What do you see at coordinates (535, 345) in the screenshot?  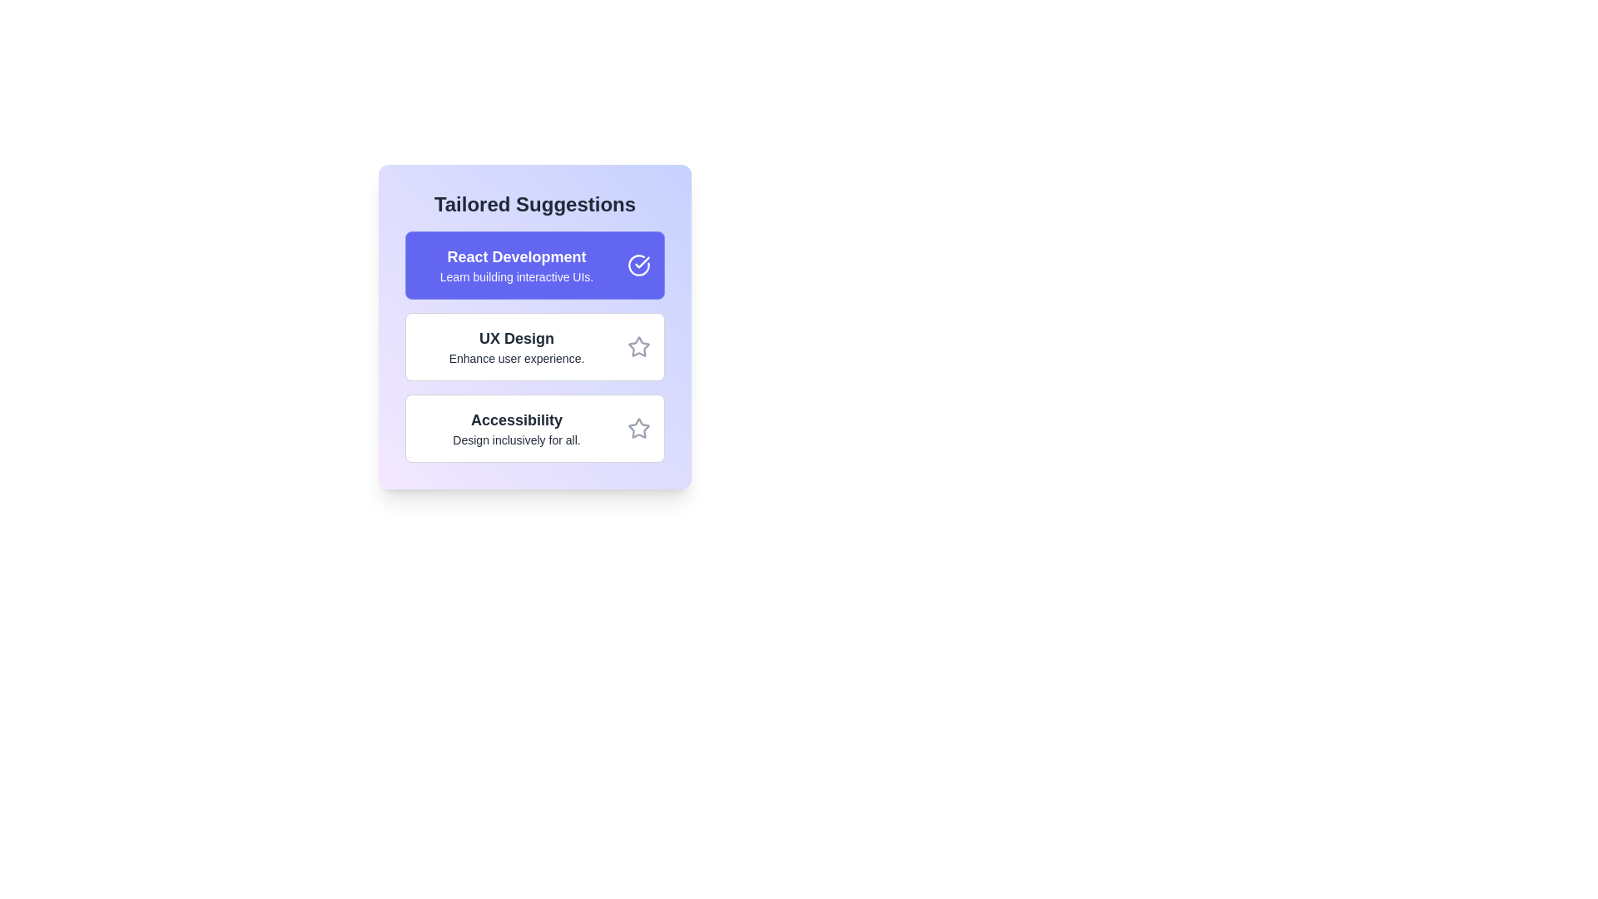 I see `the suggestion with the title UX Design` at bounding box center [535, 345].